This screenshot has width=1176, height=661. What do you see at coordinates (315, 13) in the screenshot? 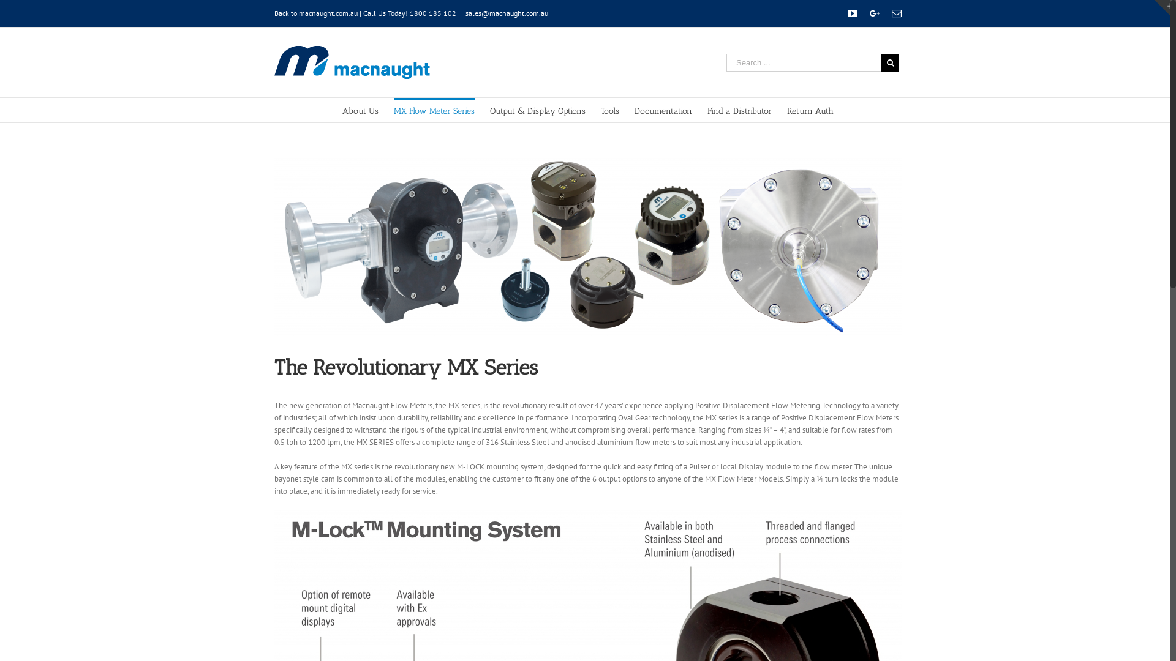
I see `'Back to macnaught.com.au'` at bounding box center [315, 13].